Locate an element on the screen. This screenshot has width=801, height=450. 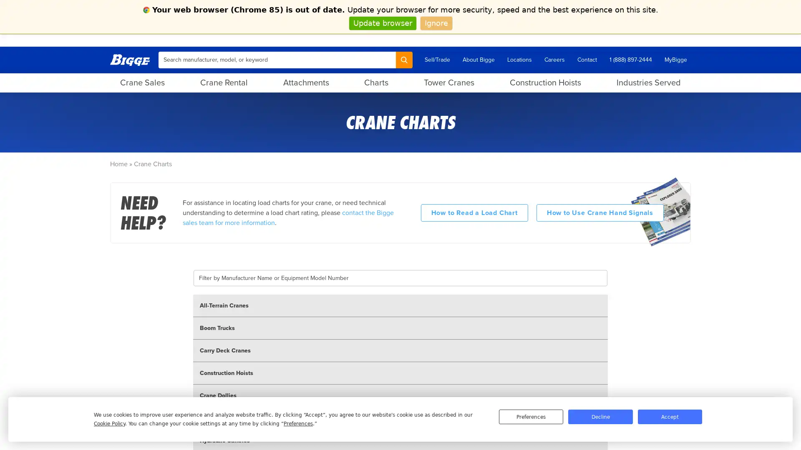
Decline is located at coordinates (600, 417).